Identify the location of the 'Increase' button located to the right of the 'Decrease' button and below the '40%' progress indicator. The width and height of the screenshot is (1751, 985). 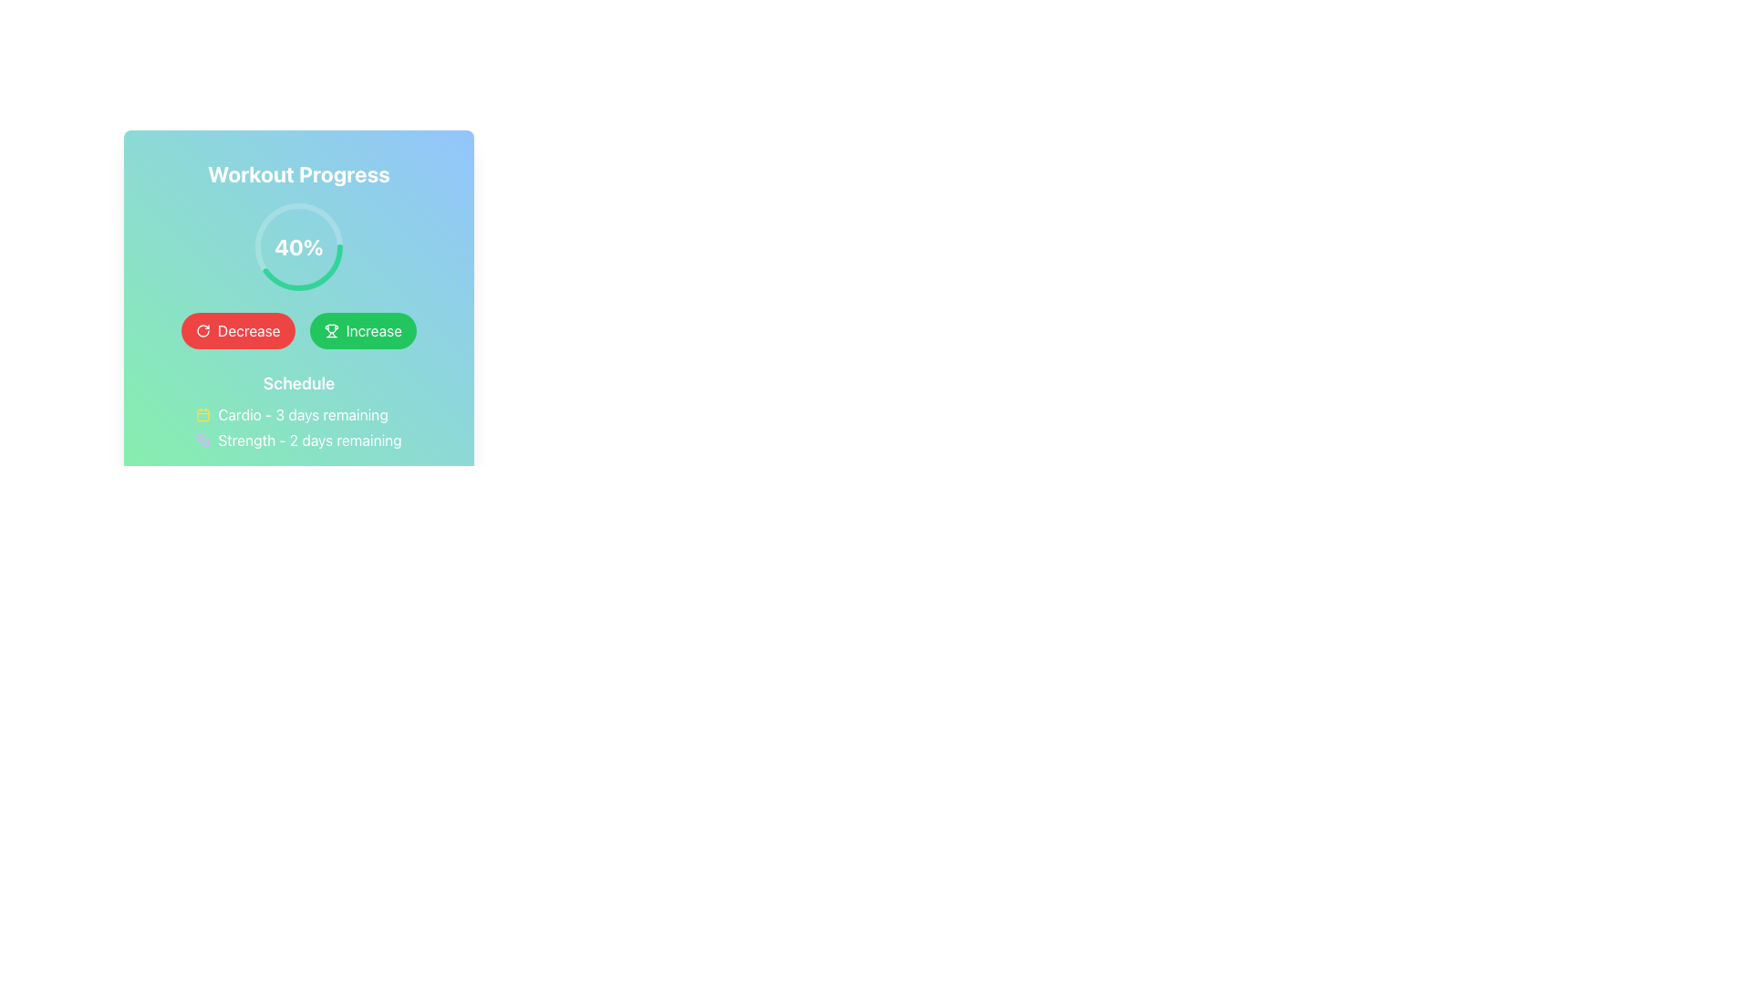
(363, 330).